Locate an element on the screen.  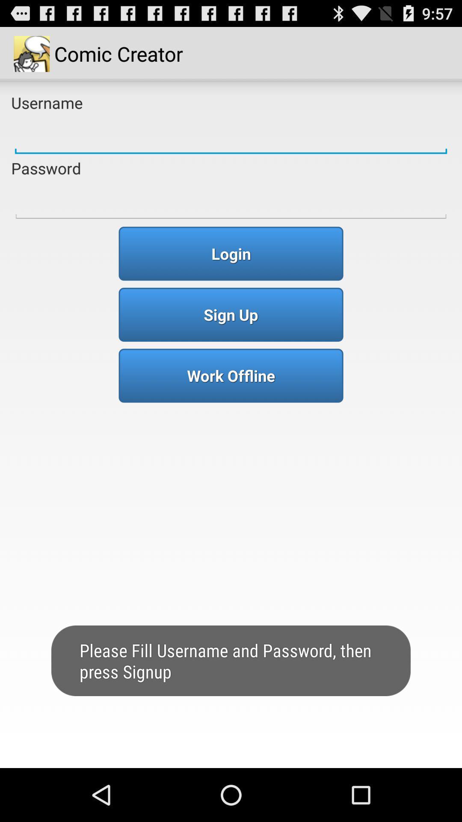
your password here is located at coordinates (231, 200).